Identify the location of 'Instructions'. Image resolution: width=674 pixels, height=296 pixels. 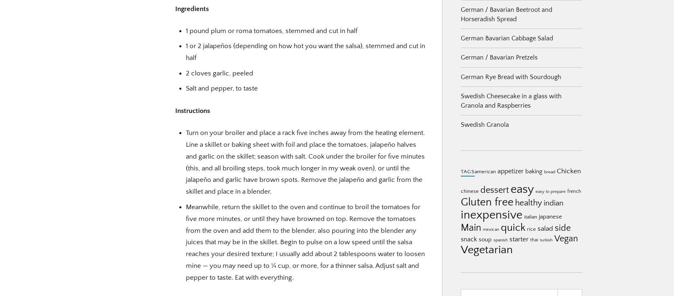
(192, 110).